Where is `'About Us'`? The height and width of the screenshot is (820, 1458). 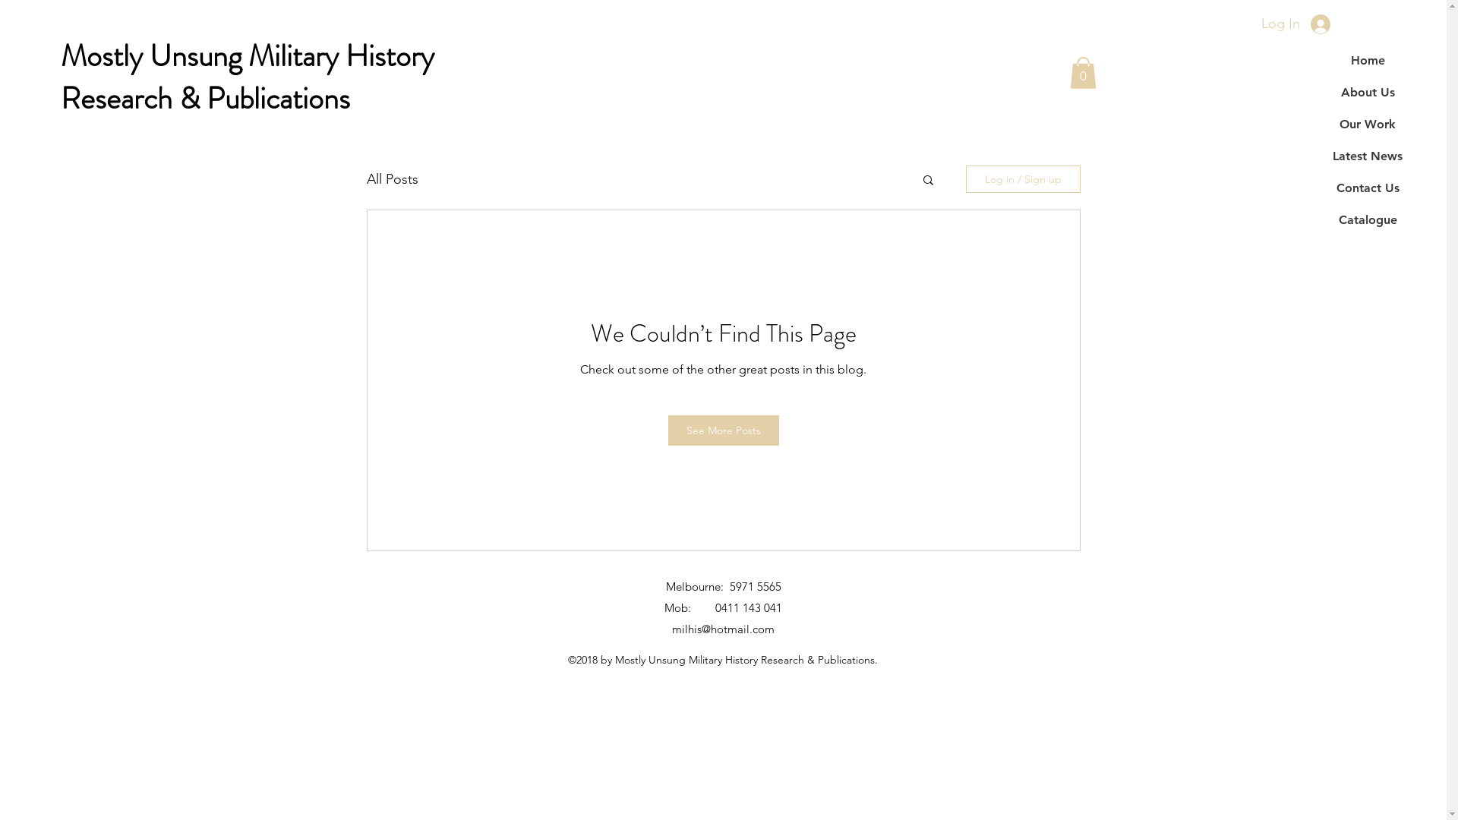 'About Us' is located at coordinates (1367, 92).